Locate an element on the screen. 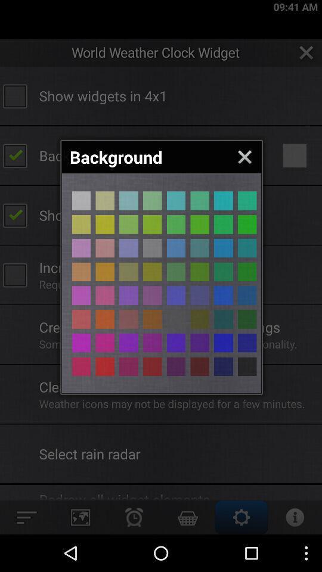  box is located at coordinates (223, 201).